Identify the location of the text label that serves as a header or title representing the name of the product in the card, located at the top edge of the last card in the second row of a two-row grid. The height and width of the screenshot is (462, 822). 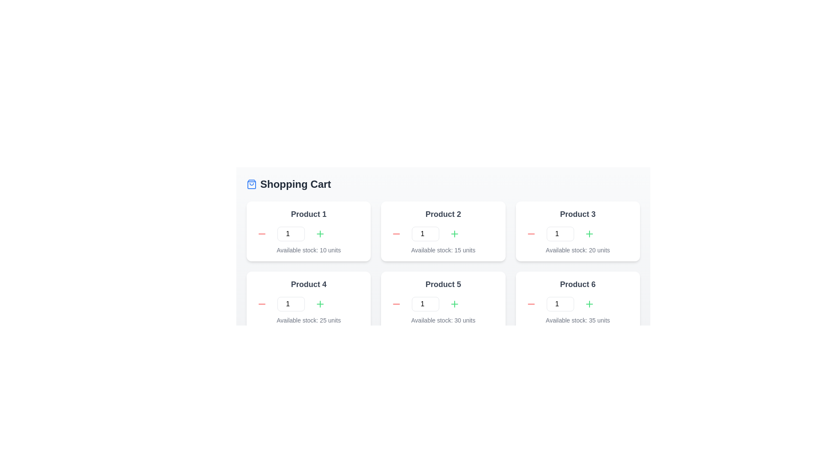
(578, 284).